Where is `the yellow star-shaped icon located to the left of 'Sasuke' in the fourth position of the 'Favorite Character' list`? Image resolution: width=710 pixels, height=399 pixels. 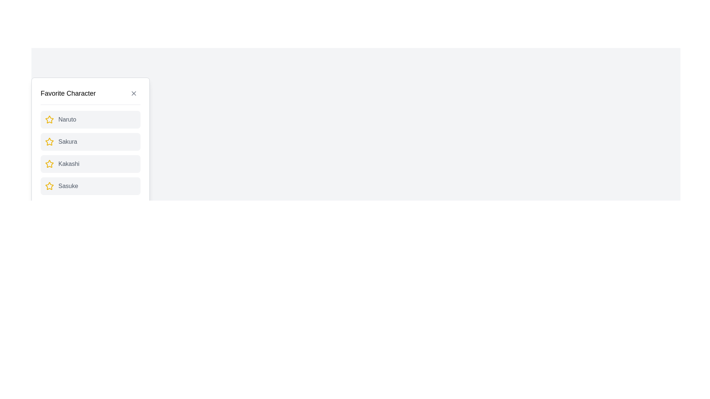 the yellow star-shaped icon located to the left of 'Sasuke' in the fourth position of the 'Favorite Character' list is located at coordinates (49, 186).